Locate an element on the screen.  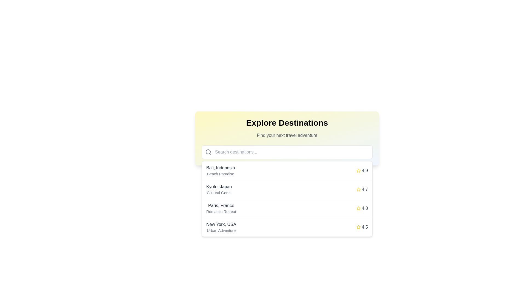
the text element displaying the title 'Bali, Indonesia', which is positioned at the top-left of a list item and above the subtitle 'Beach Paradise' is located at coordinates (221, 167).